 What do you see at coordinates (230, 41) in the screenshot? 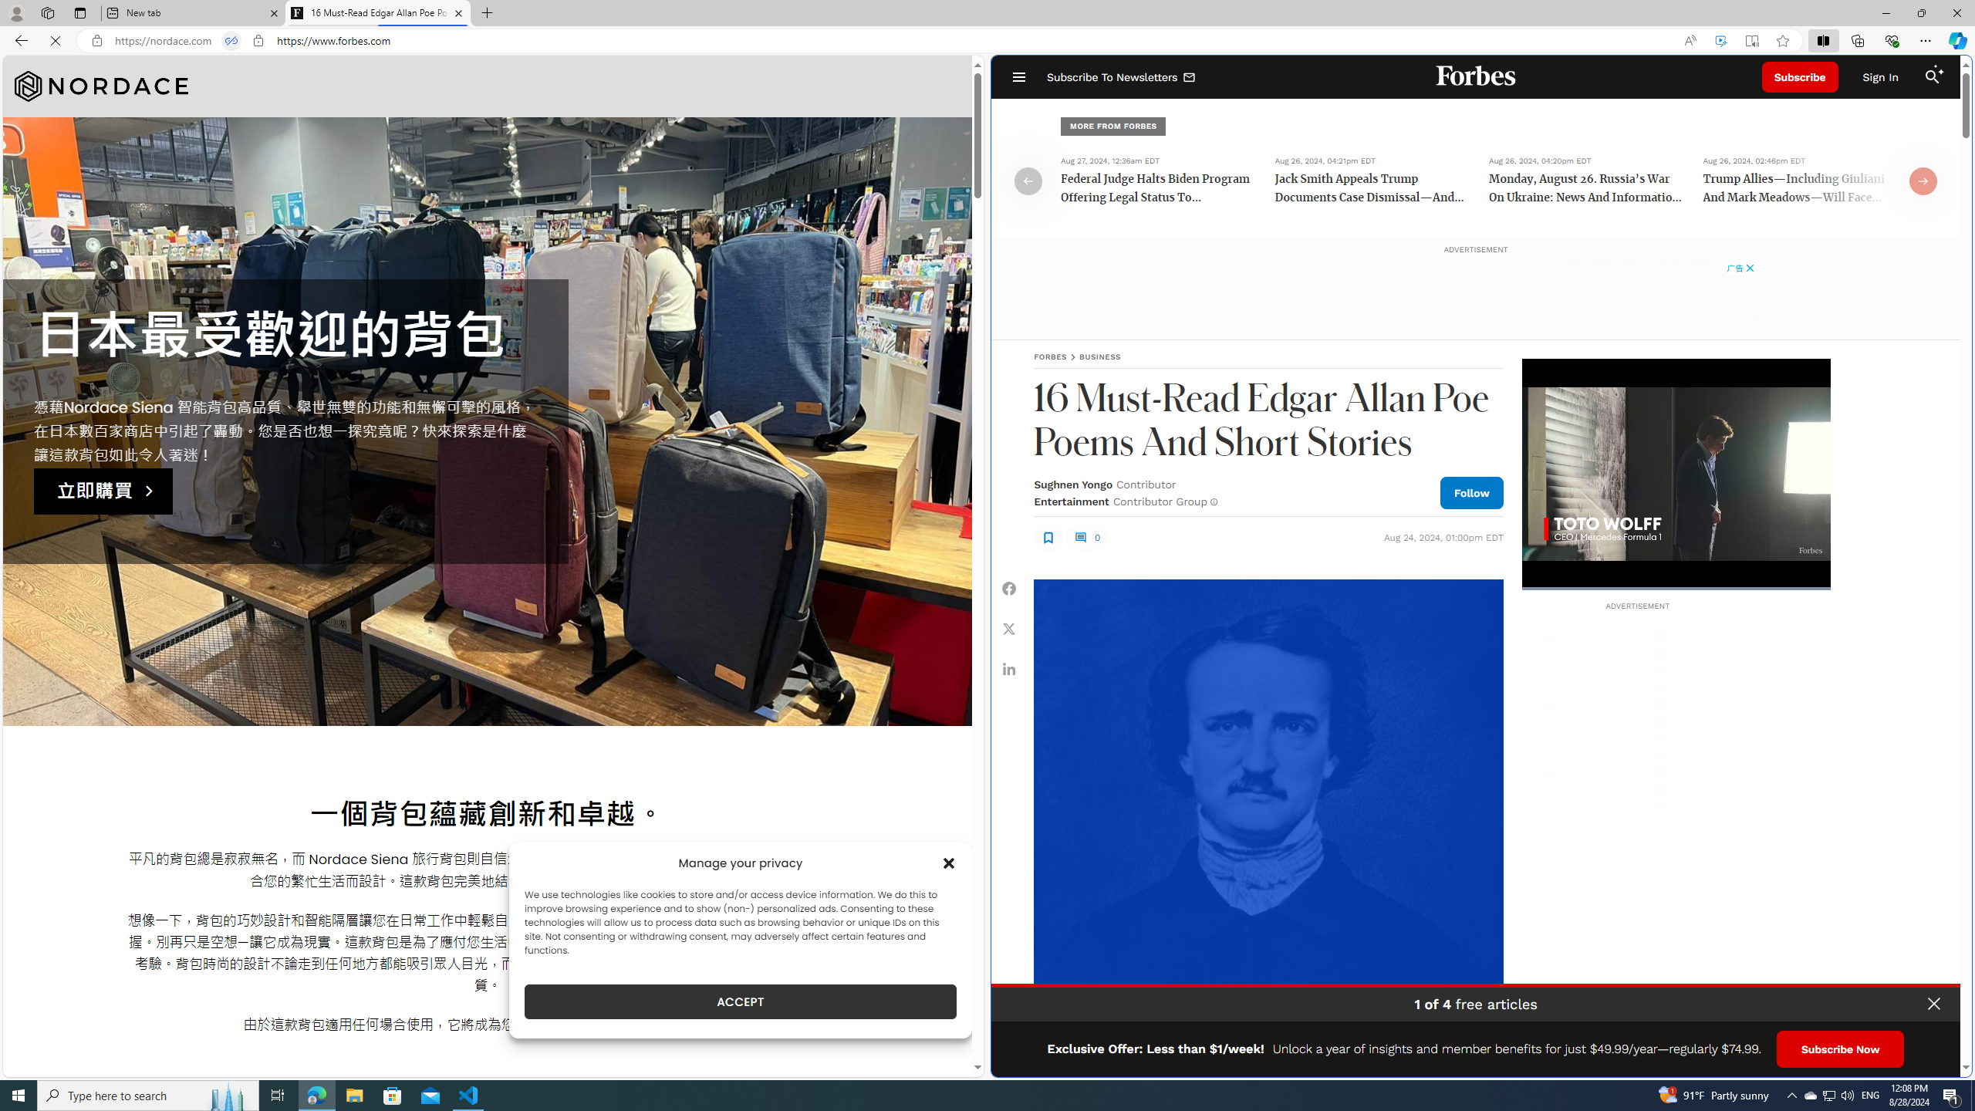
I see `'Tabs in split screen'` at bounding box center [230, 41].